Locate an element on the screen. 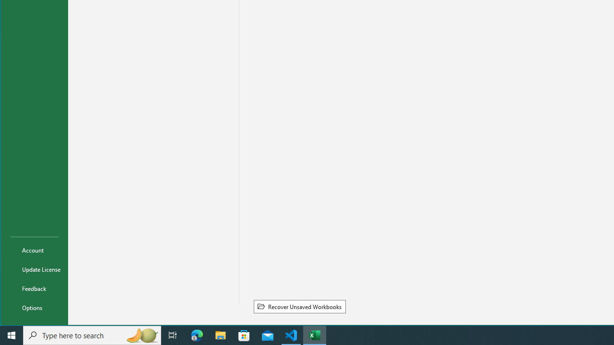 Image resolution: width=614 pixels, height=345 pixels. 'Microsoft Store' is located at coordinates (244, 334).